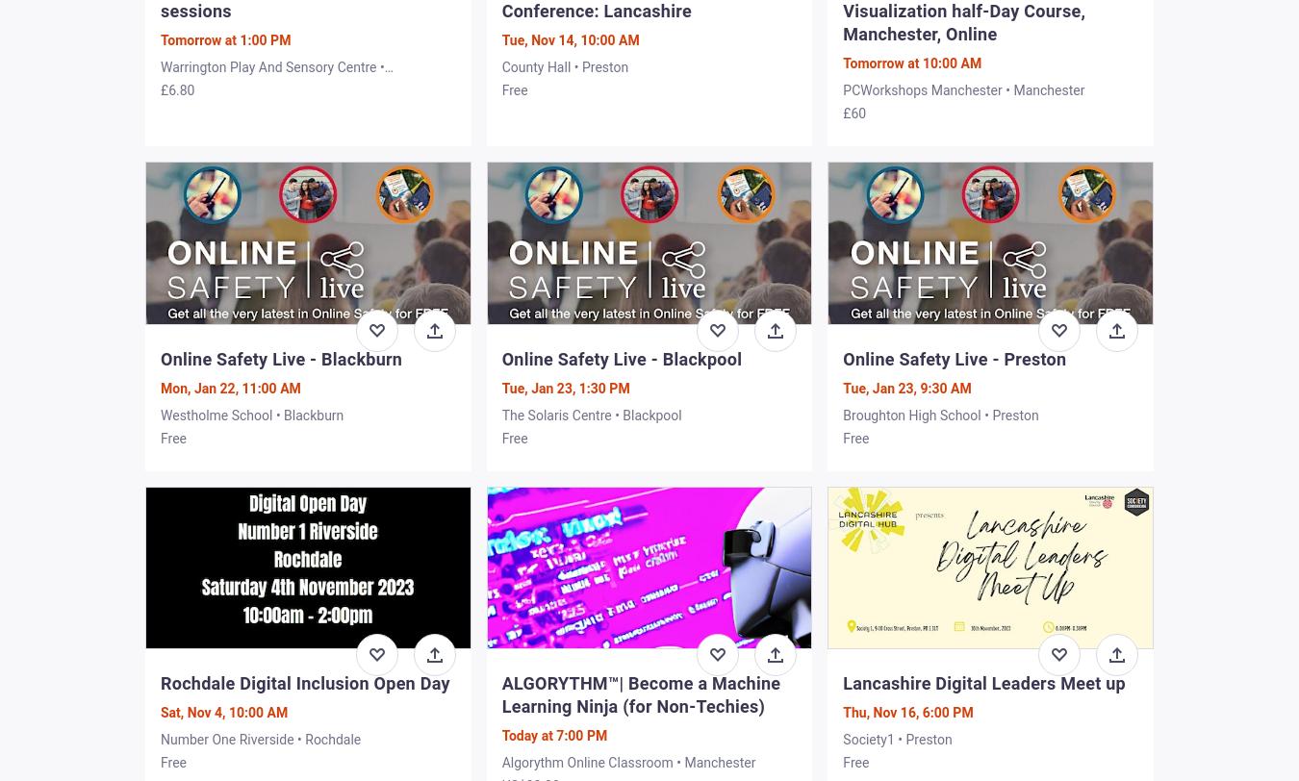 The height and width of the screenshot is (781, 1299). What do you see at coordinates (910, 63) in the screenshot?
I see `'Tomorrow at 10:00 AM'` at bounding box center [910, 63].